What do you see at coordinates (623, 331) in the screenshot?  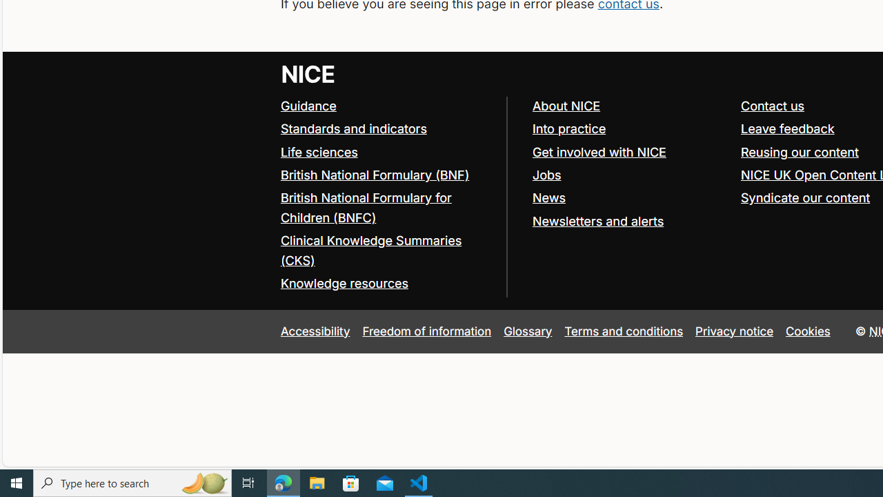 I see `'Terms and conditions'` at bounding box center [623, 331].